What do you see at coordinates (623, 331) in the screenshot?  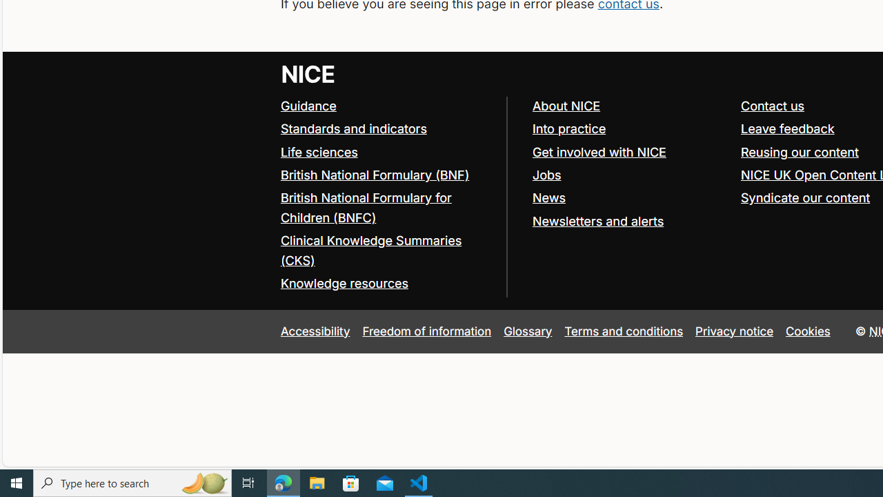 I see `'Terms and conditions'` at bounding box center [623, 331].